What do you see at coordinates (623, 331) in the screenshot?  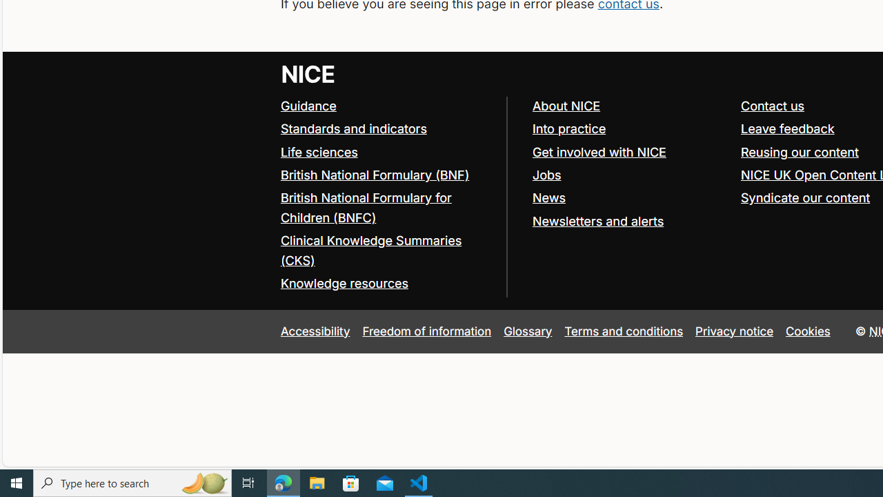 I see `'Terms and conditions'` at bounding box center [623, 331].